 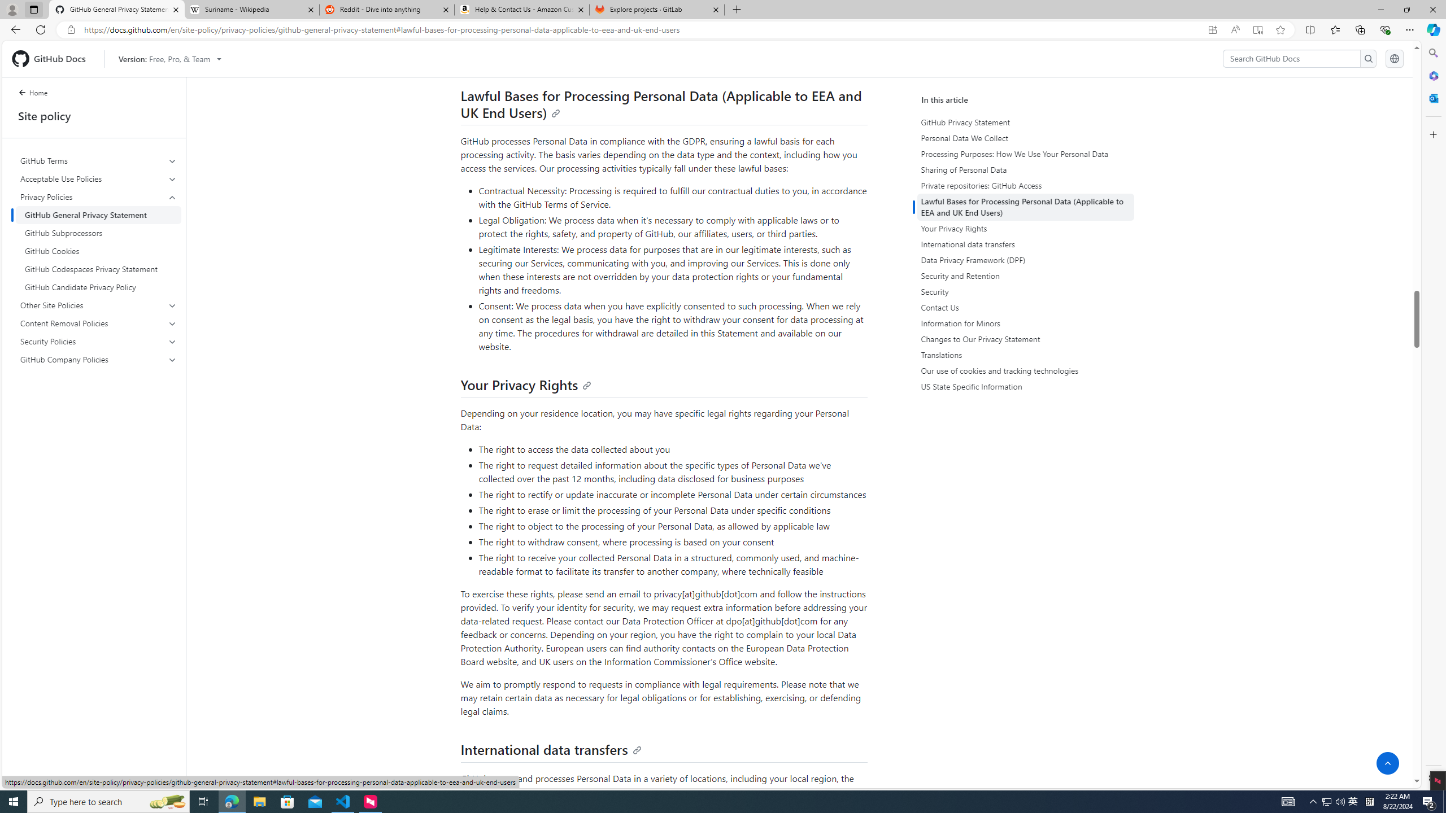 What do you see at coordinates (98, 268) in the screenshot?
I see `'GitHub Codespaces Privacy Statement'` at bounding box center [98, 268].